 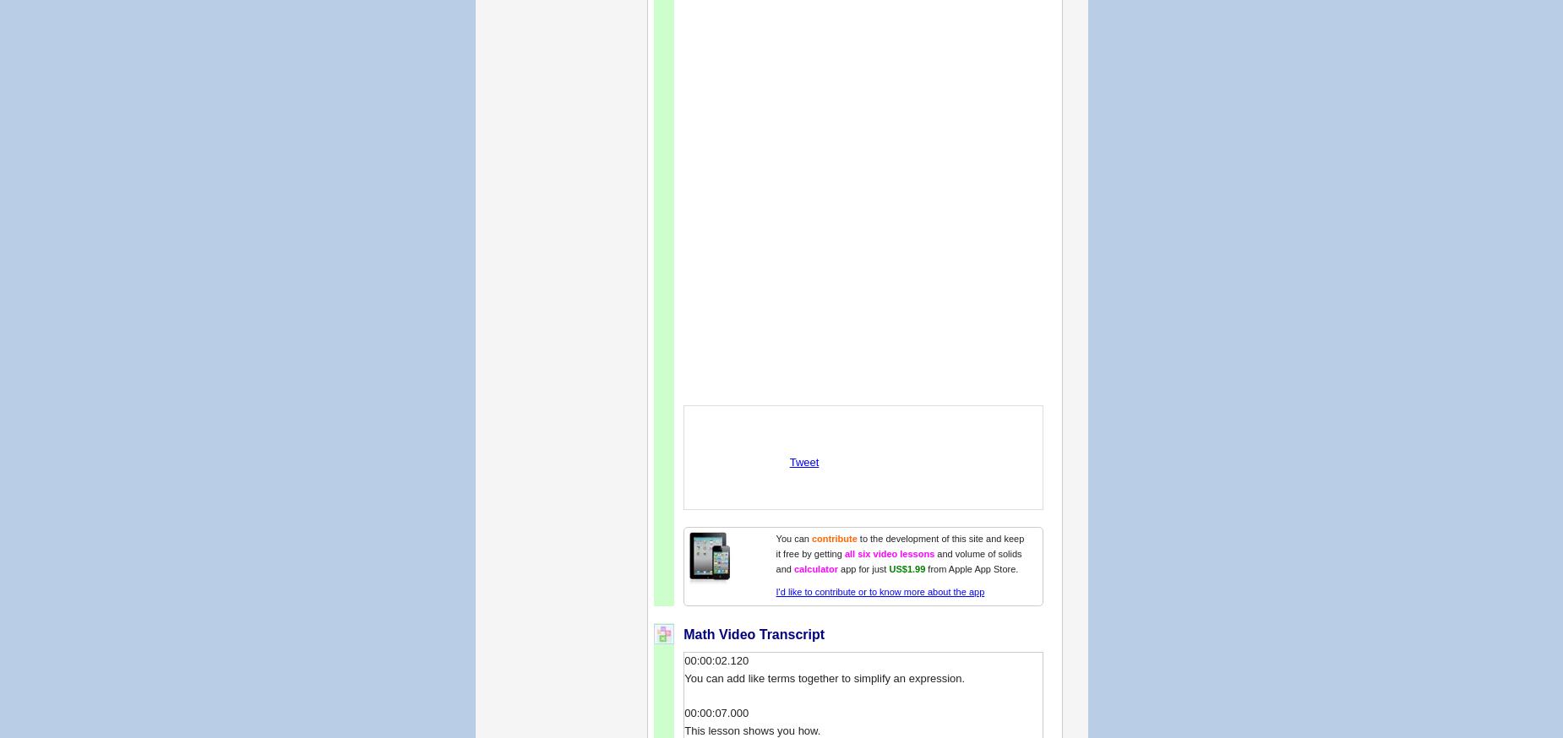 What do you see at coordinates (775, 545) in the screenshot?
I see `'to the development of this site and keep it free by getting'` at bounding box center [775, 545].